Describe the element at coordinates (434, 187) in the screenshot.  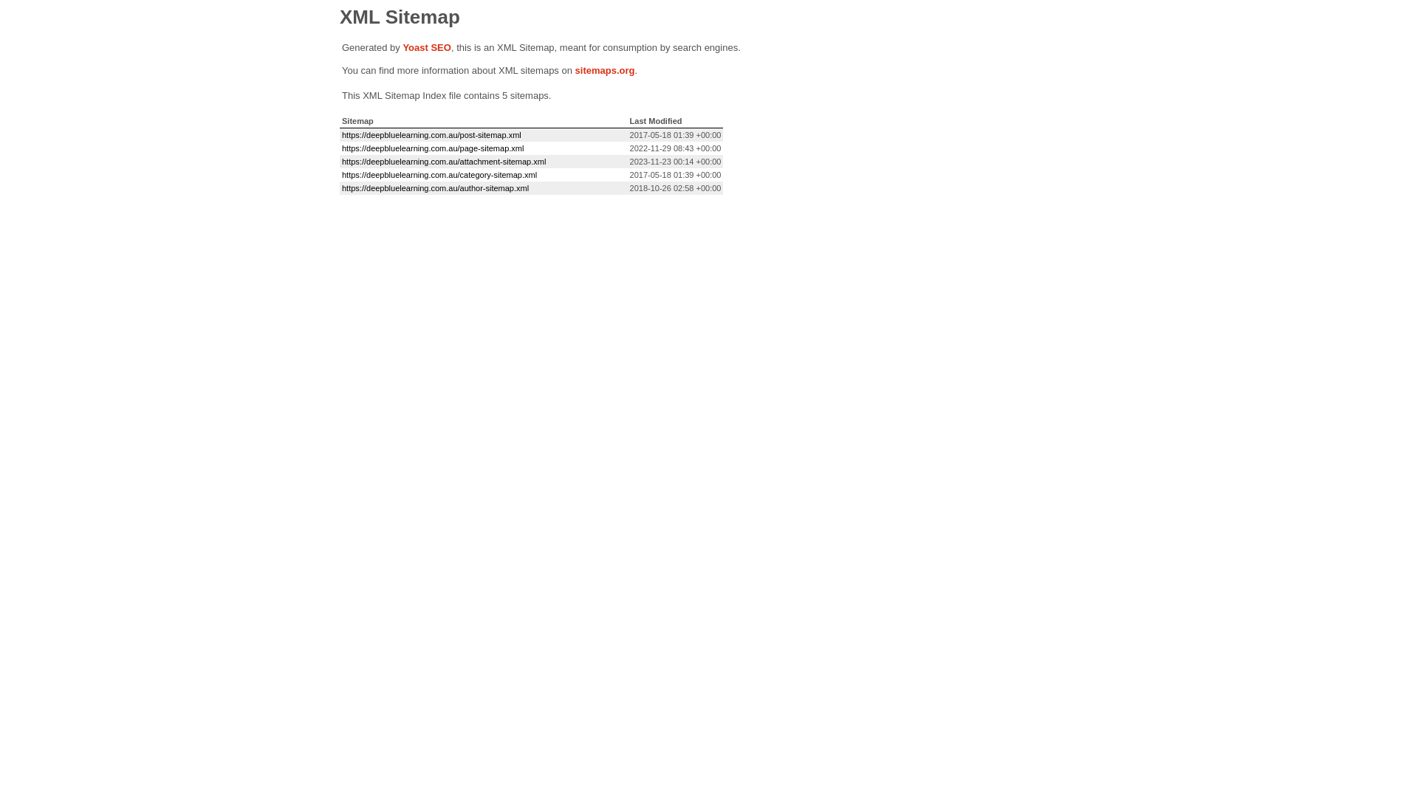
I see `'https://deepbluelearning.com.au/author-sitemap.xml'` at that location.